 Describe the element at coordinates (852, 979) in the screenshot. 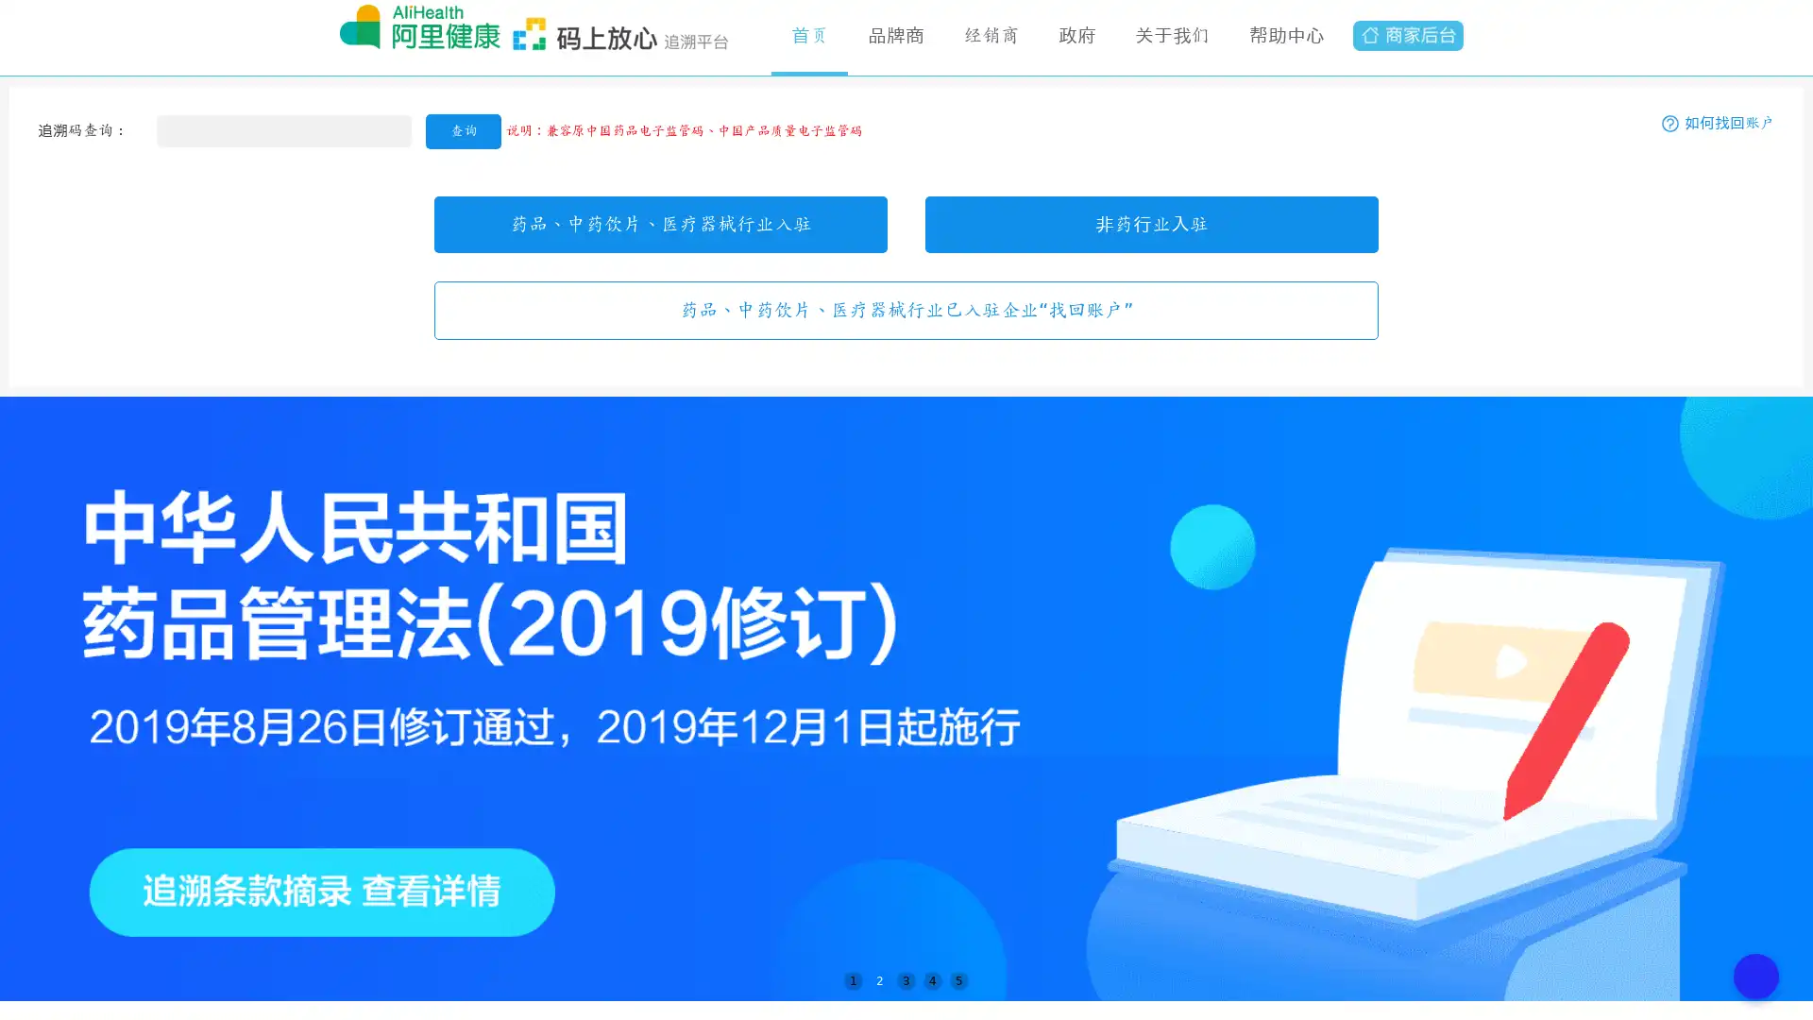

I see `Go to slide 1` at that location.